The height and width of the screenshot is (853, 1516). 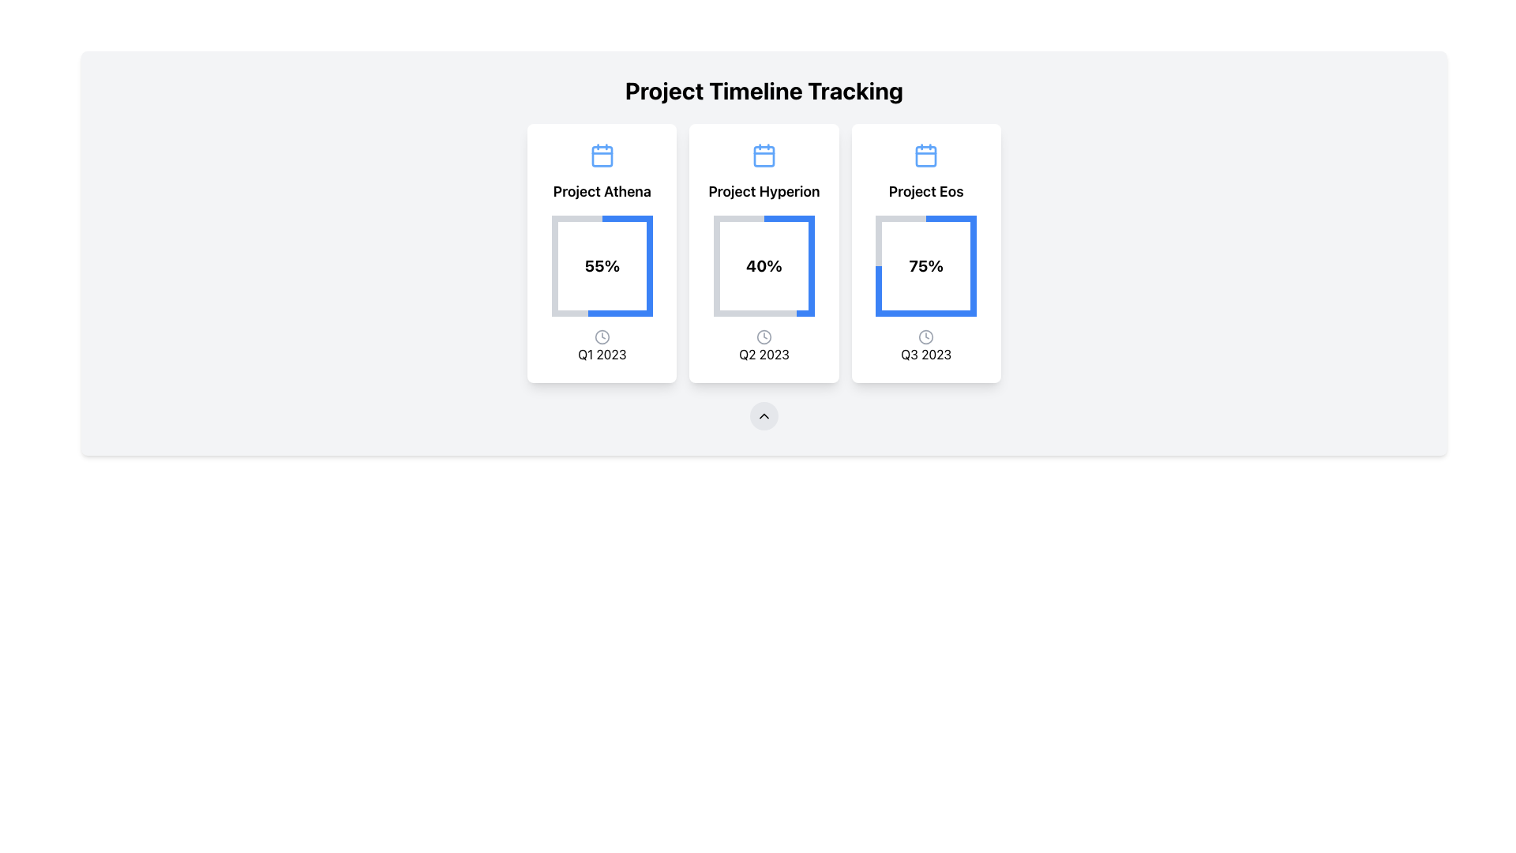 I want to click on the rectangular shape with rounded corners that serves as a decorative element within the calendar icon at the top-center of the 'Project Athena' card, so click(x=601, y=156).